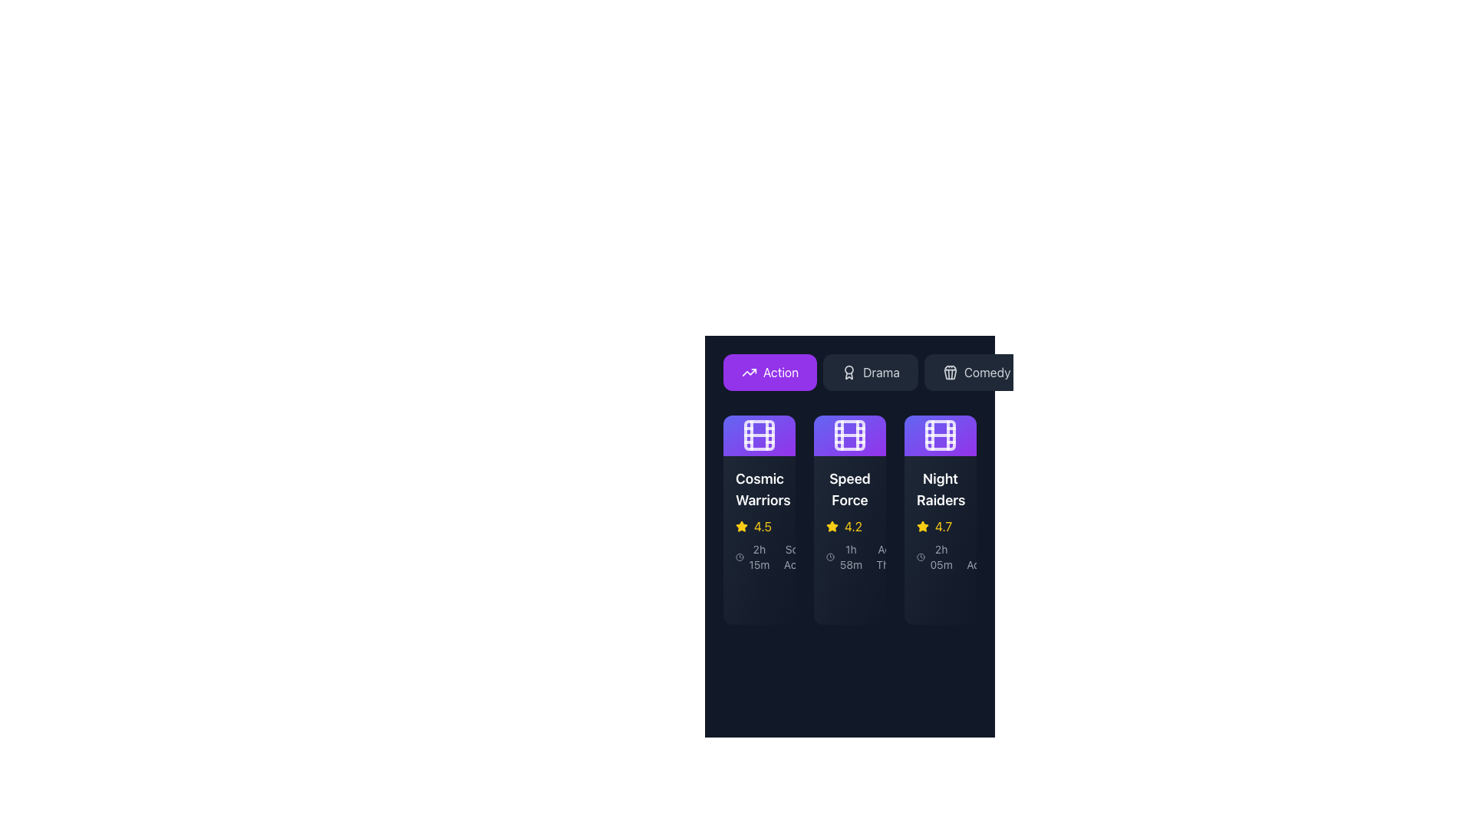 The width and height of the screenshot is (1473, 828). I want to click on the 'Play' button with a gradient background located at the bottom center of the 'Night Raiders' card, so click(939, 596).